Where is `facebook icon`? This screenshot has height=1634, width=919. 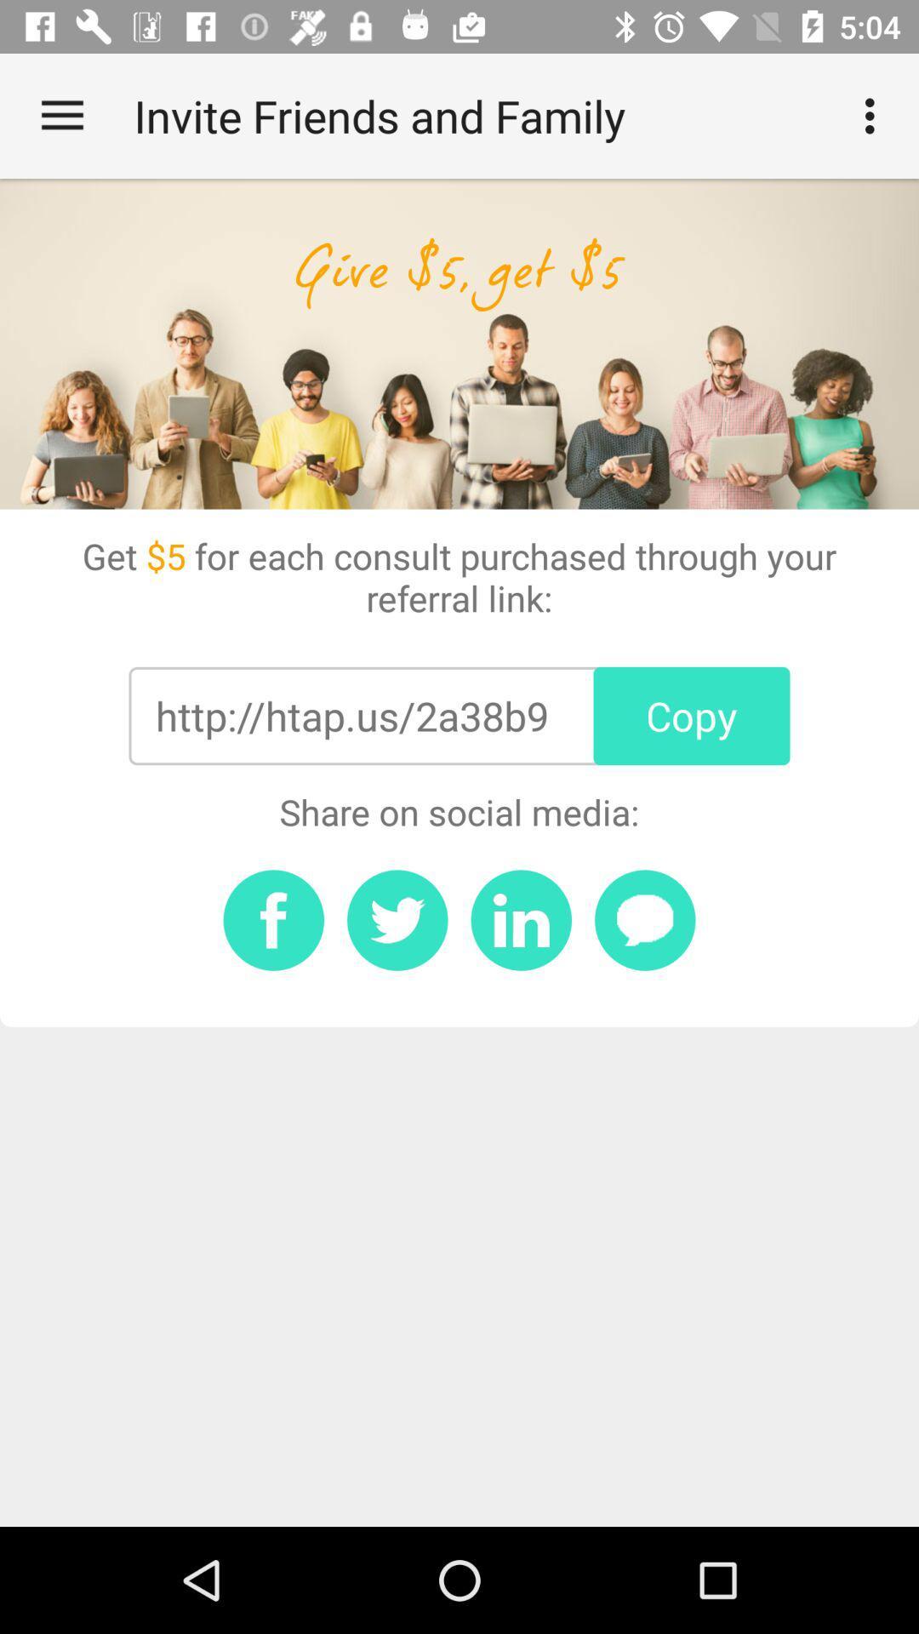 facebook icon is located at coordinates (272, 919).